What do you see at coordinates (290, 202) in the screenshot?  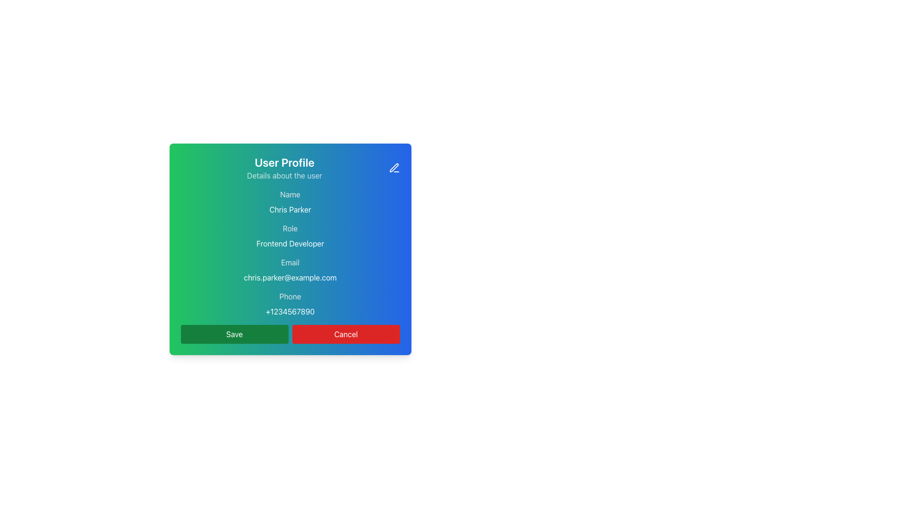 I see `the text label and value pair displaying 'Name' and 'Chris Parker' within the User Profile card interface, which is the first information section` at bounding box center [290, 202].